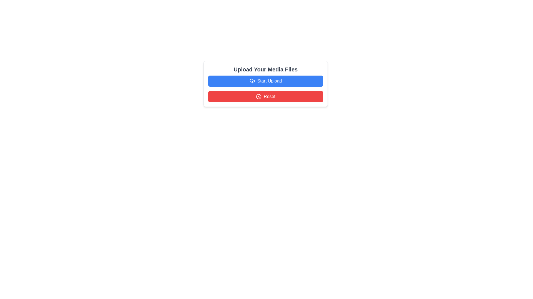  Describe the element at coordinates (265, 96) in the screenshot. I see `the 'Reset' button located below the 'Start Upload' button within the upload media files section` at that location.